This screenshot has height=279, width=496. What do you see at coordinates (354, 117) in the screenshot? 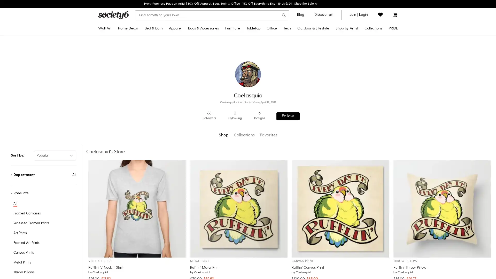
I see `Pattern Play` at bounding box center [354, 117].